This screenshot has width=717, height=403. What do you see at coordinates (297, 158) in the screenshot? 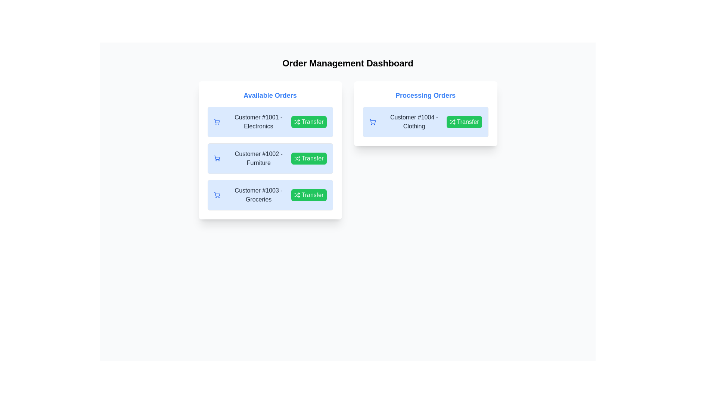
I see `the shuffle icon located on the green 'Transfer' button, which is positioned to the left of the text label` at bounding box center [297, 158].